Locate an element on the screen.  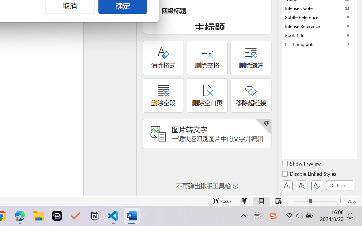
'Zoom' is located at coordinates (315, 201).